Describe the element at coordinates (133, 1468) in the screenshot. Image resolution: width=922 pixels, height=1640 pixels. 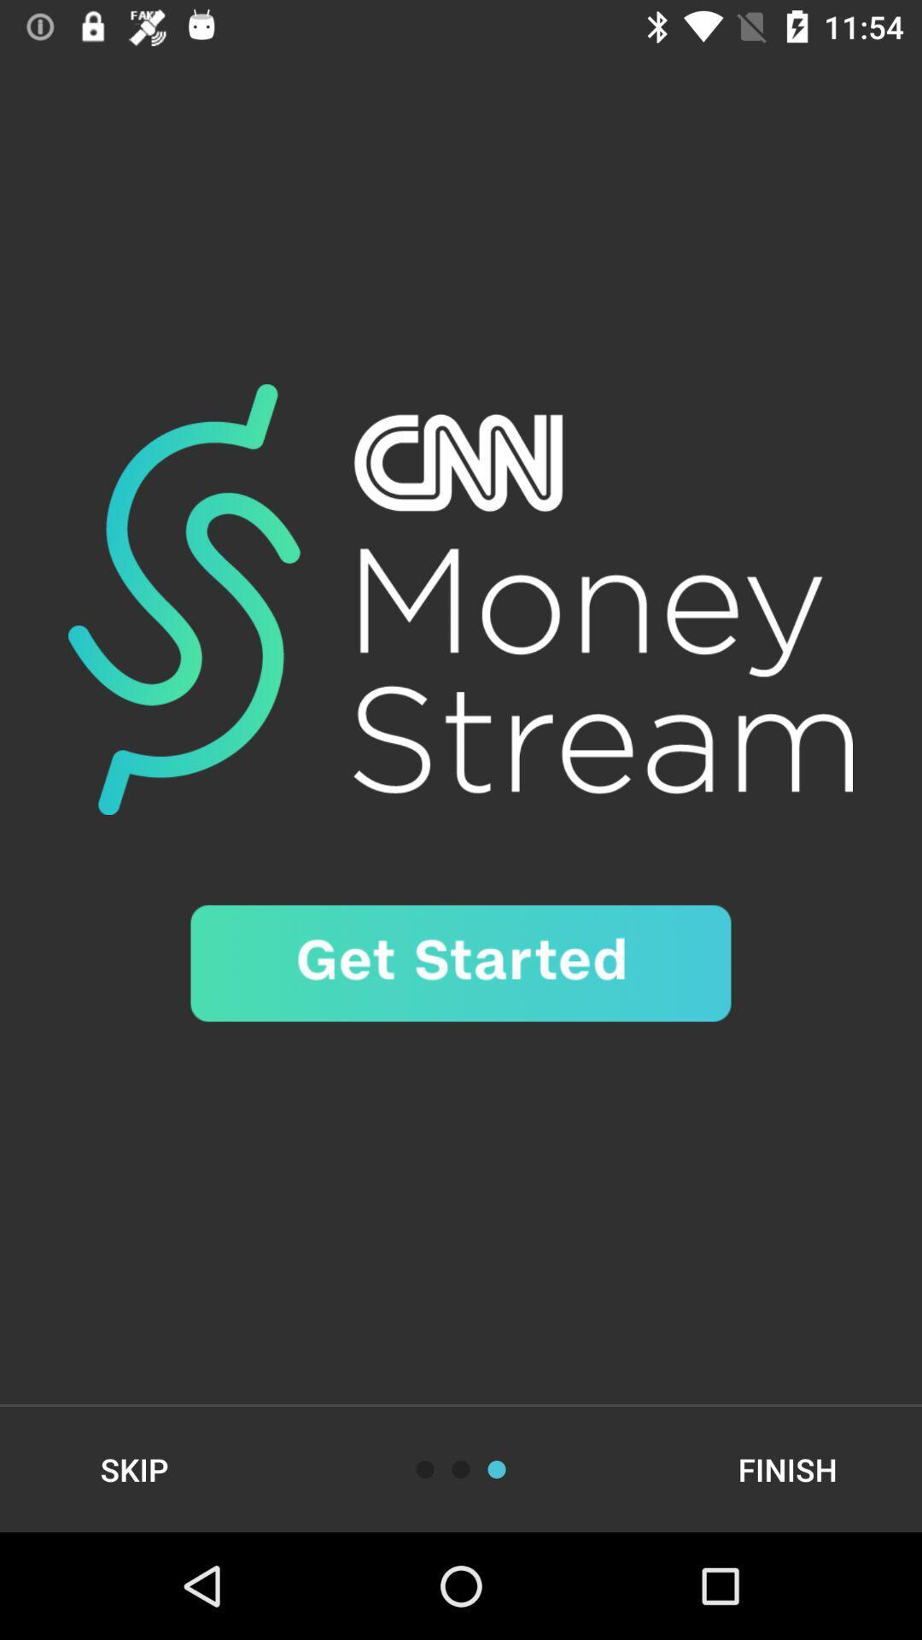
I see `the item at the bottom left corner` at that location.